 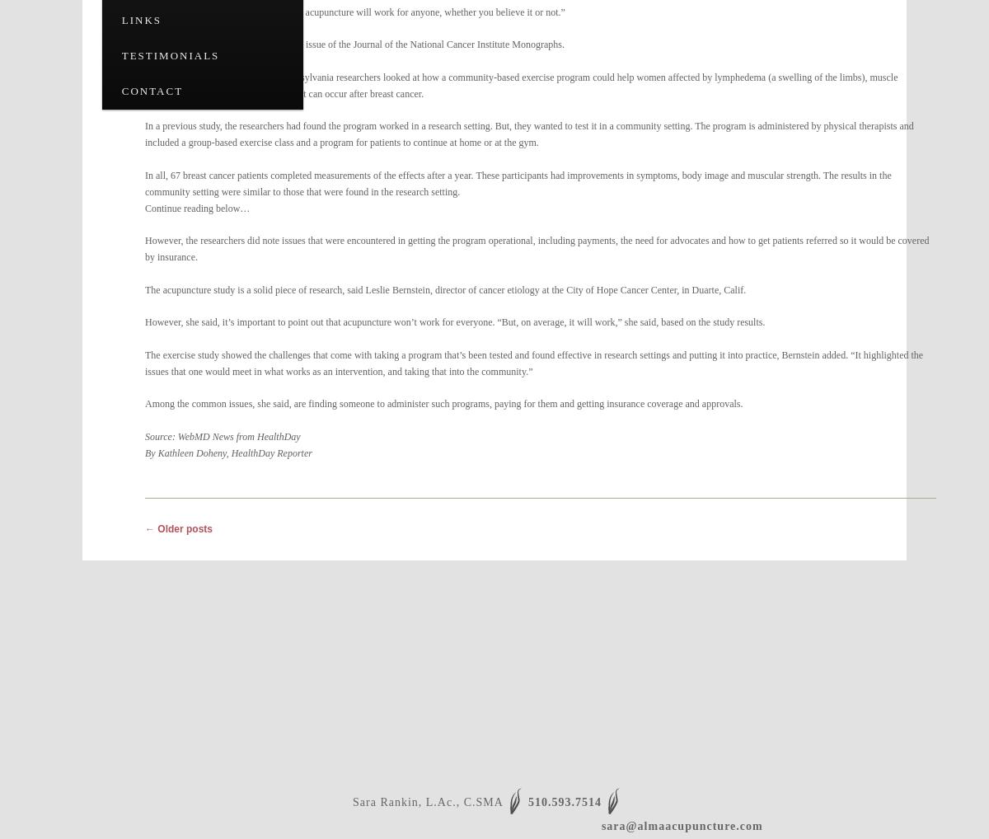 I want to click on 'Among the common issues, she said, are finding someone to administer such programs, paying for them and getting insurance coverage and approvals.', so click(x=443, y=403).